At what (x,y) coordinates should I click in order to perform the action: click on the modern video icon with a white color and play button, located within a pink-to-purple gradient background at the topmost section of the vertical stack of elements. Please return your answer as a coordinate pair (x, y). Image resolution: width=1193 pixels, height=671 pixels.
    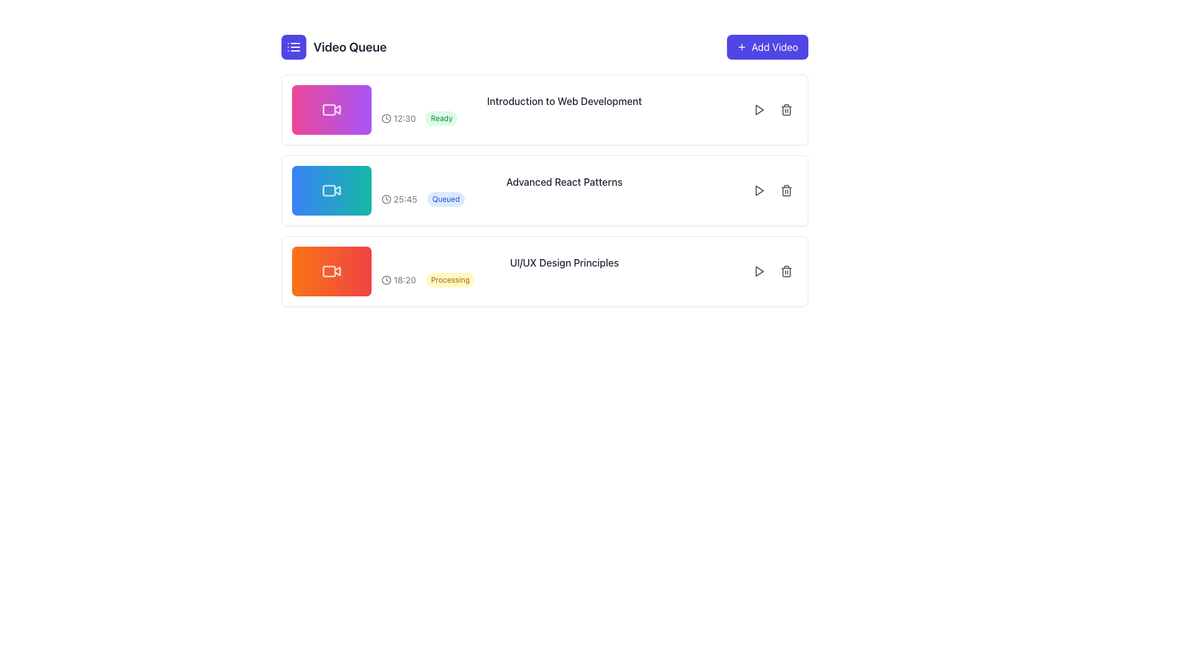
    Looking at the image, I should click on (331, 109).